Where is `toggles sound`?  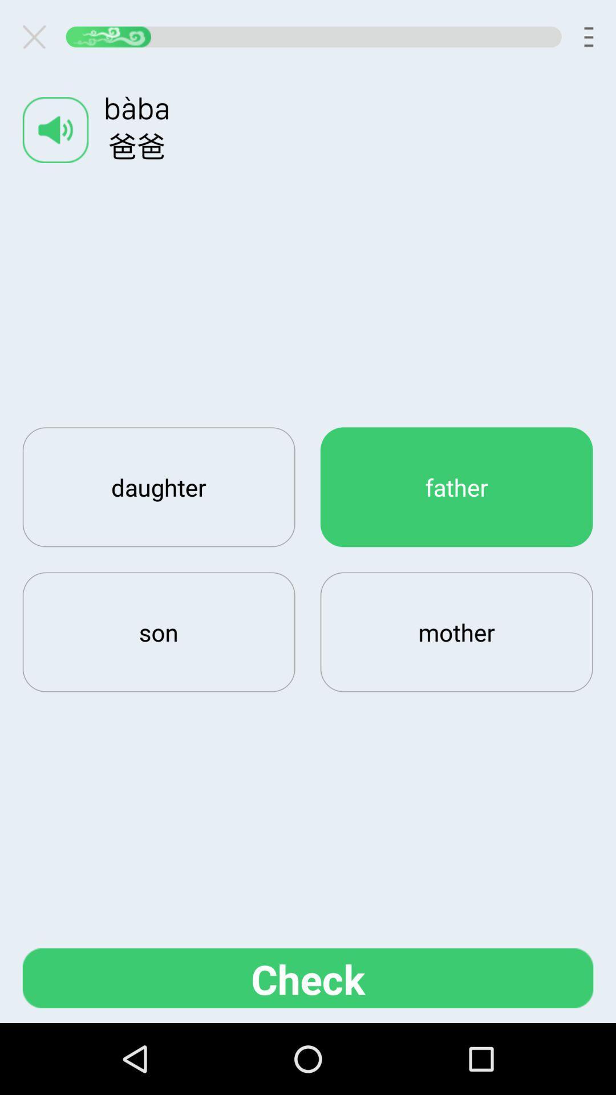
toggles sound is located at coordinates (55, 129).